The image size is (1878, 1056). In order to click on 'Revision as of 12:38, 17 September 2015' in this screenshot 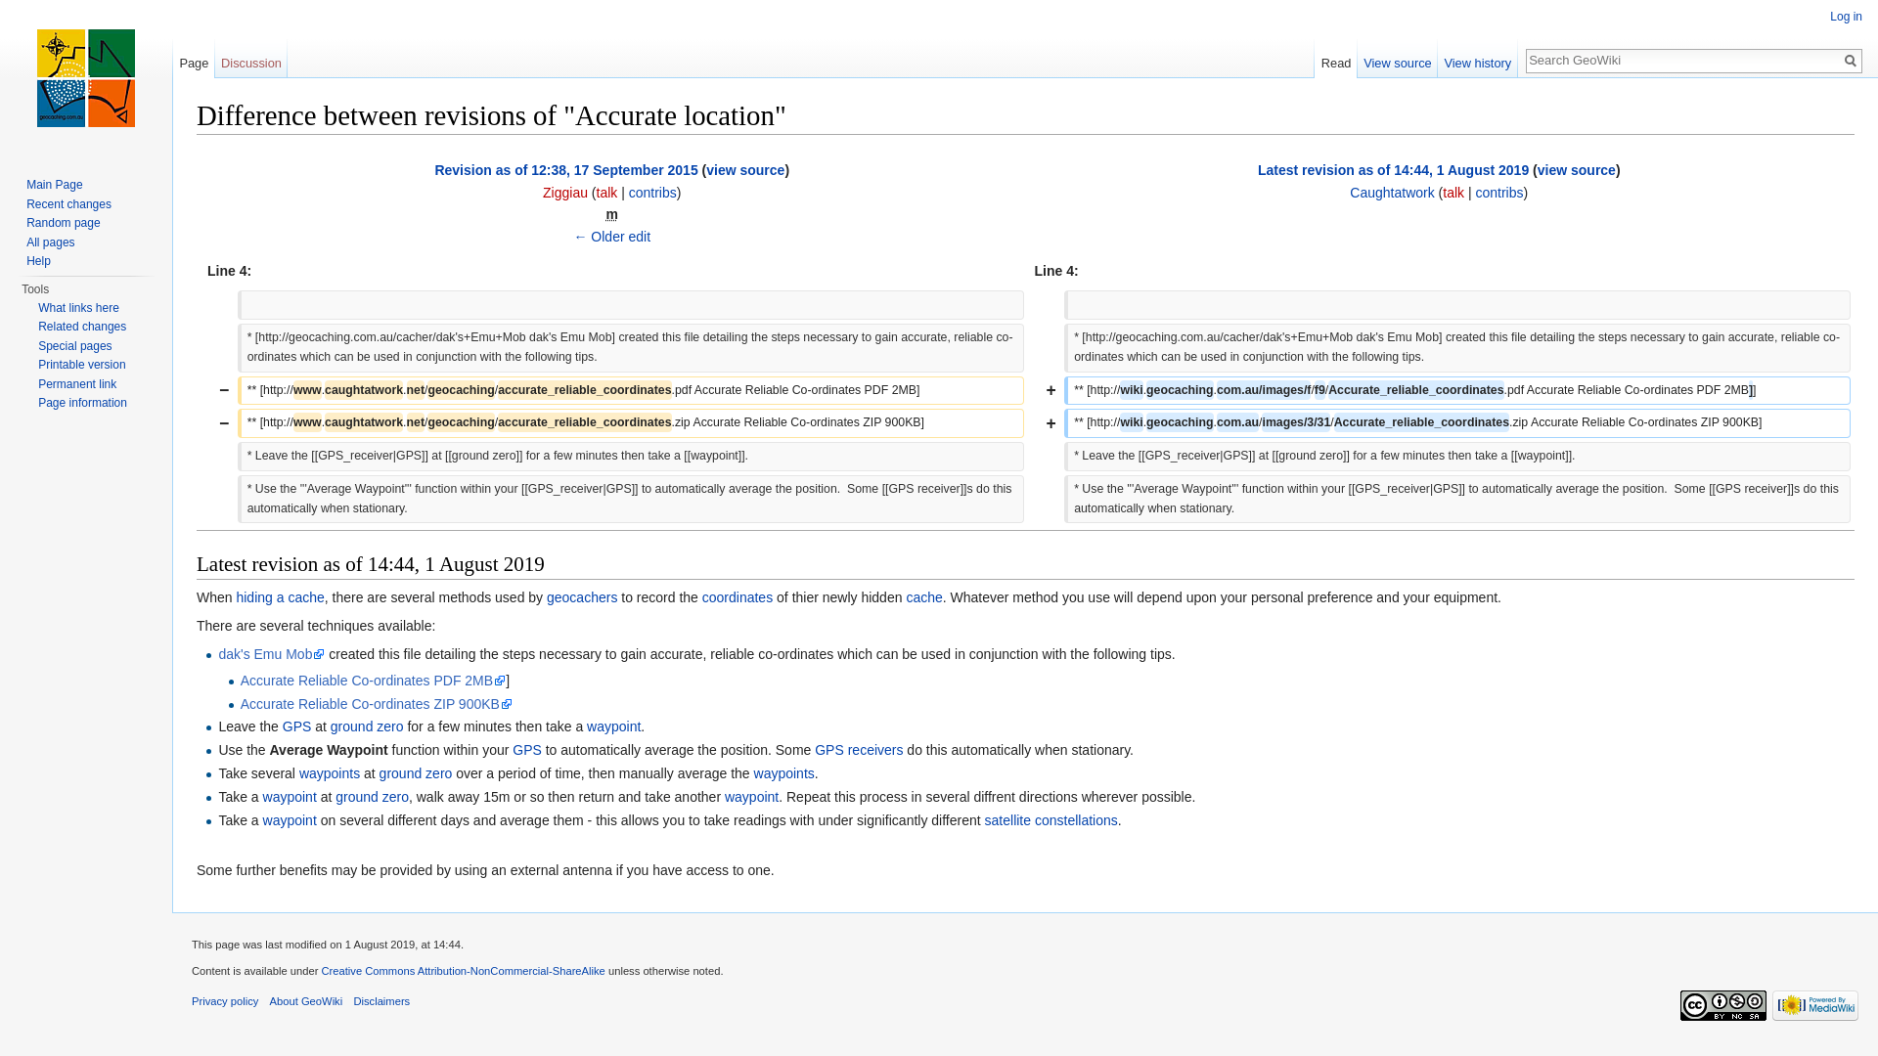, I will do `click(564, 168)`.